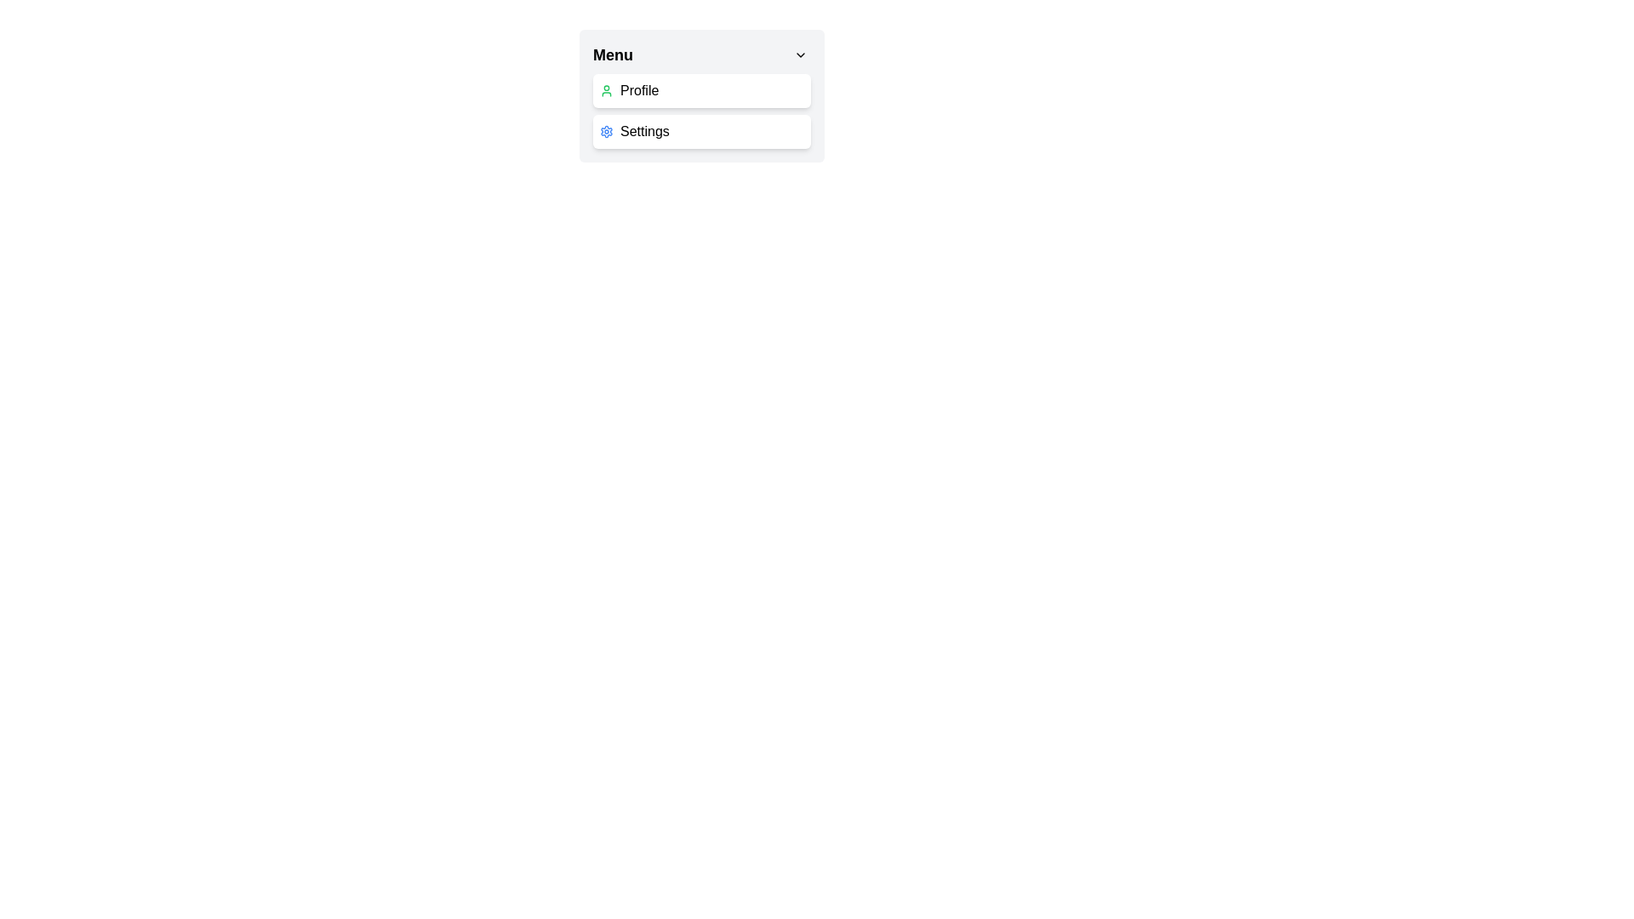  What do you see at coordinates (799, 54) in the screenshot?
I see `the Chevron Down icon located at the upper-right corner of the 'Menu' dropdown header` at bounding box center [799, 54].